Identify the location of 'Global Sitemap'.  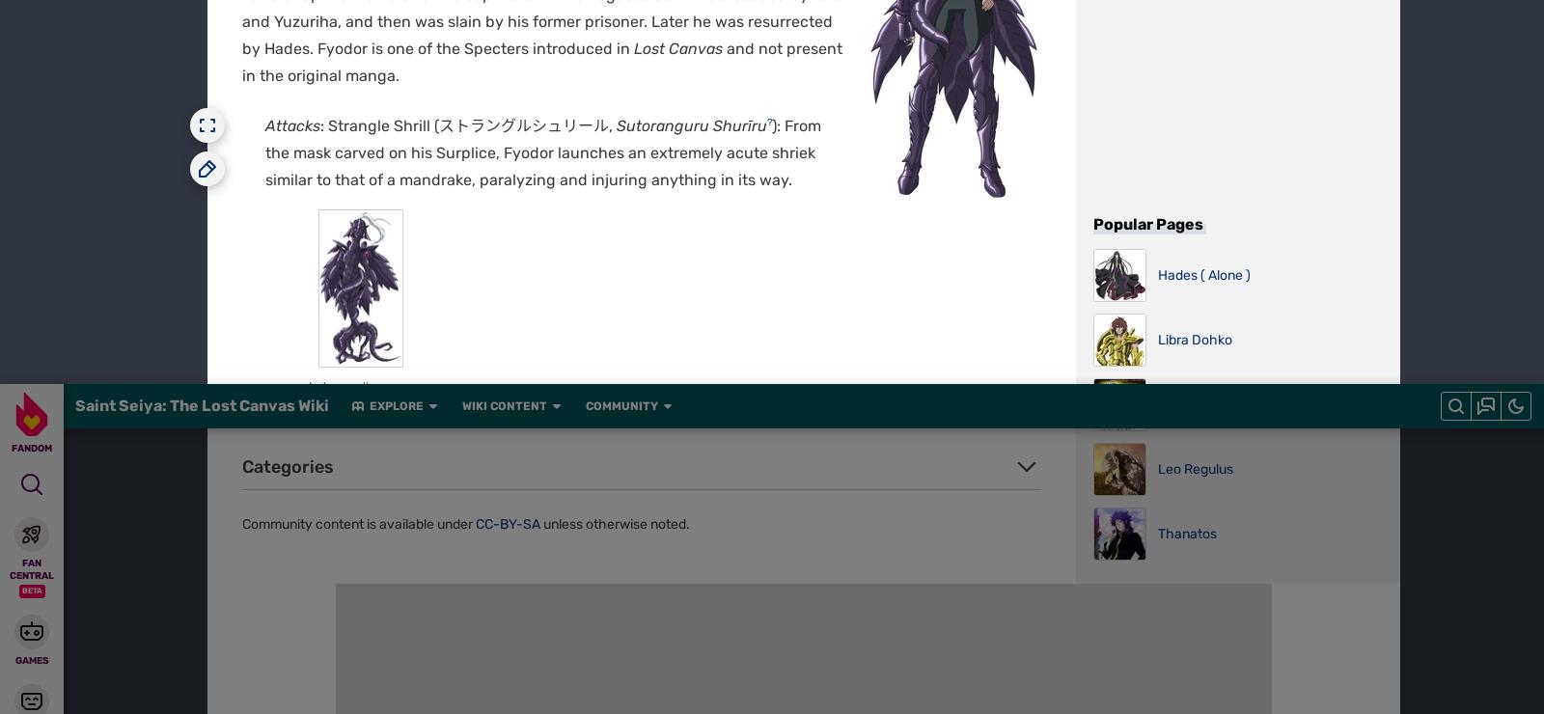
(618, 147).